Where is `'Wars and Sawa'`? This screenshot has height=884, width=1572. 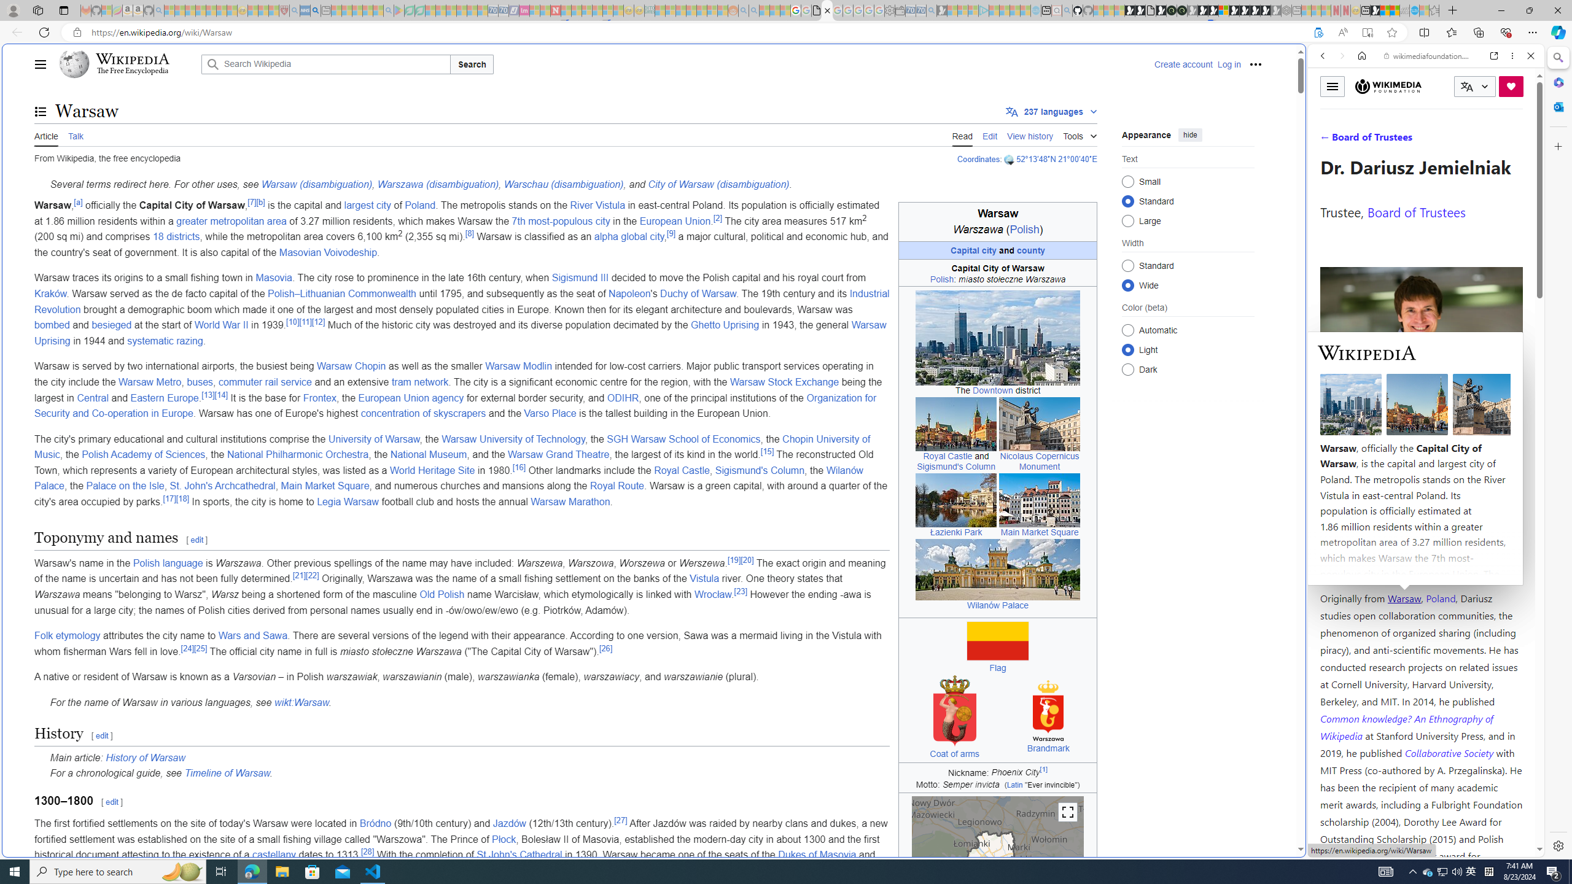 'Wars and Sawa' is located at coordinates (252, 635).